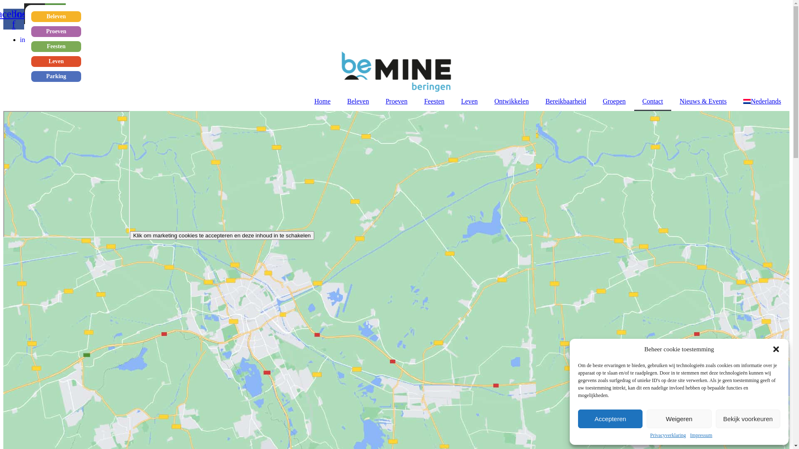 The width and height of the screenshot is (799, 449). I want to click on 'Leven', so click(469, 101).